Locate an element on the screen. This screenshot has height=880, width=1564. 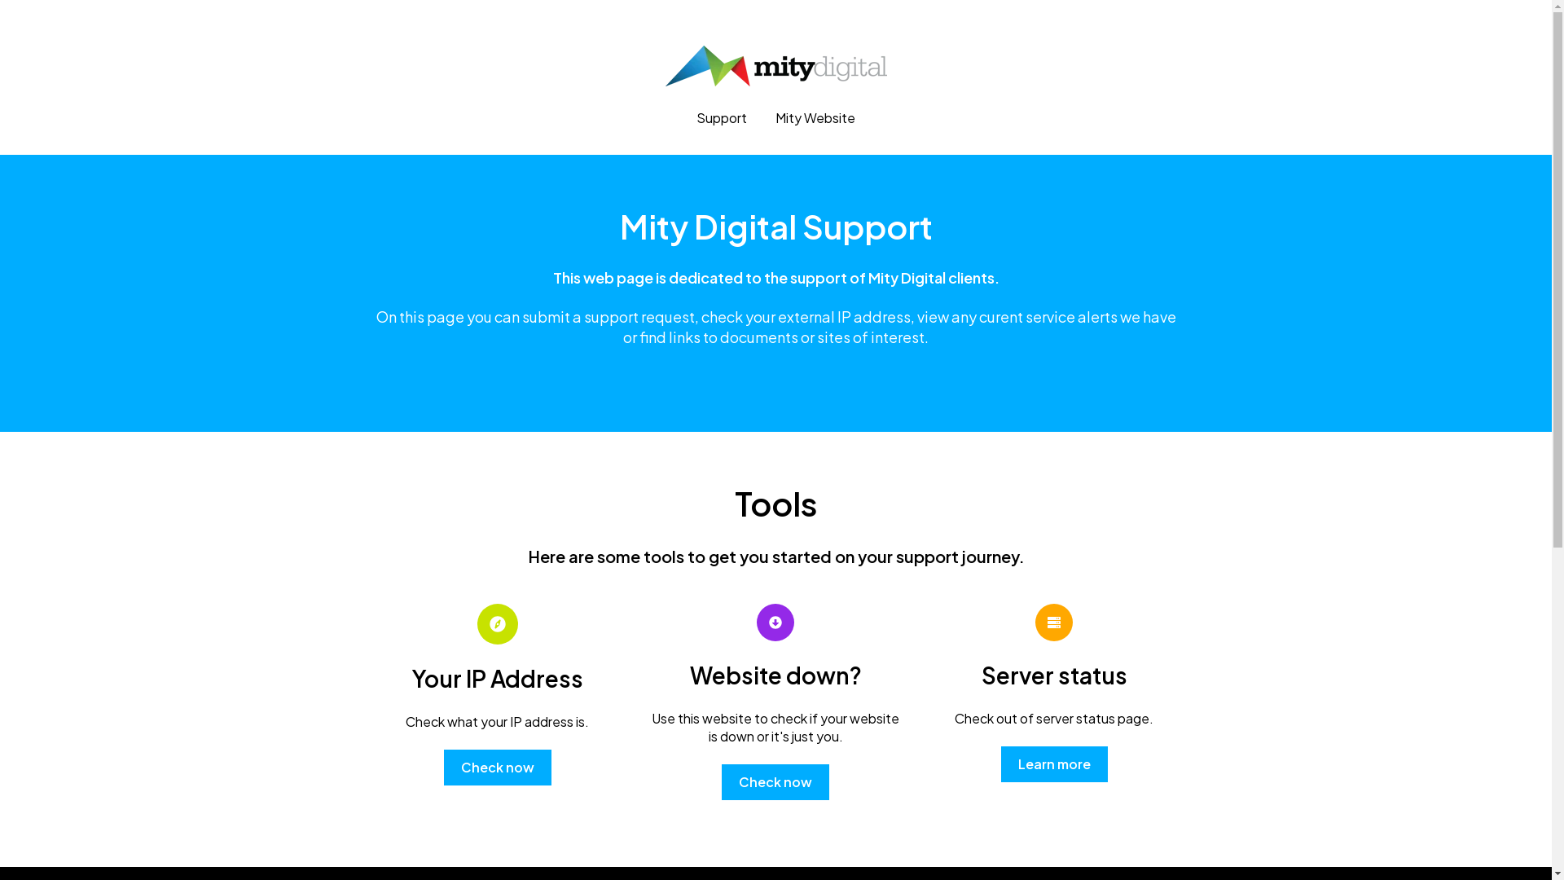
'Check now' is located at coordinates (774, 781).